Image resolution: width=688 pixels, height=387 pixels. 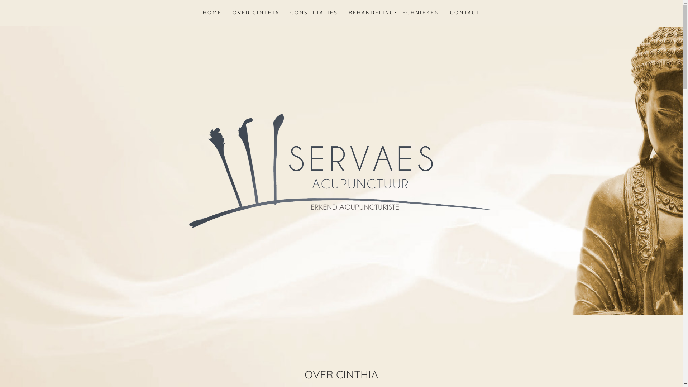 I want to click on 'OVER CINTHIA', so click(x=256, y=13).